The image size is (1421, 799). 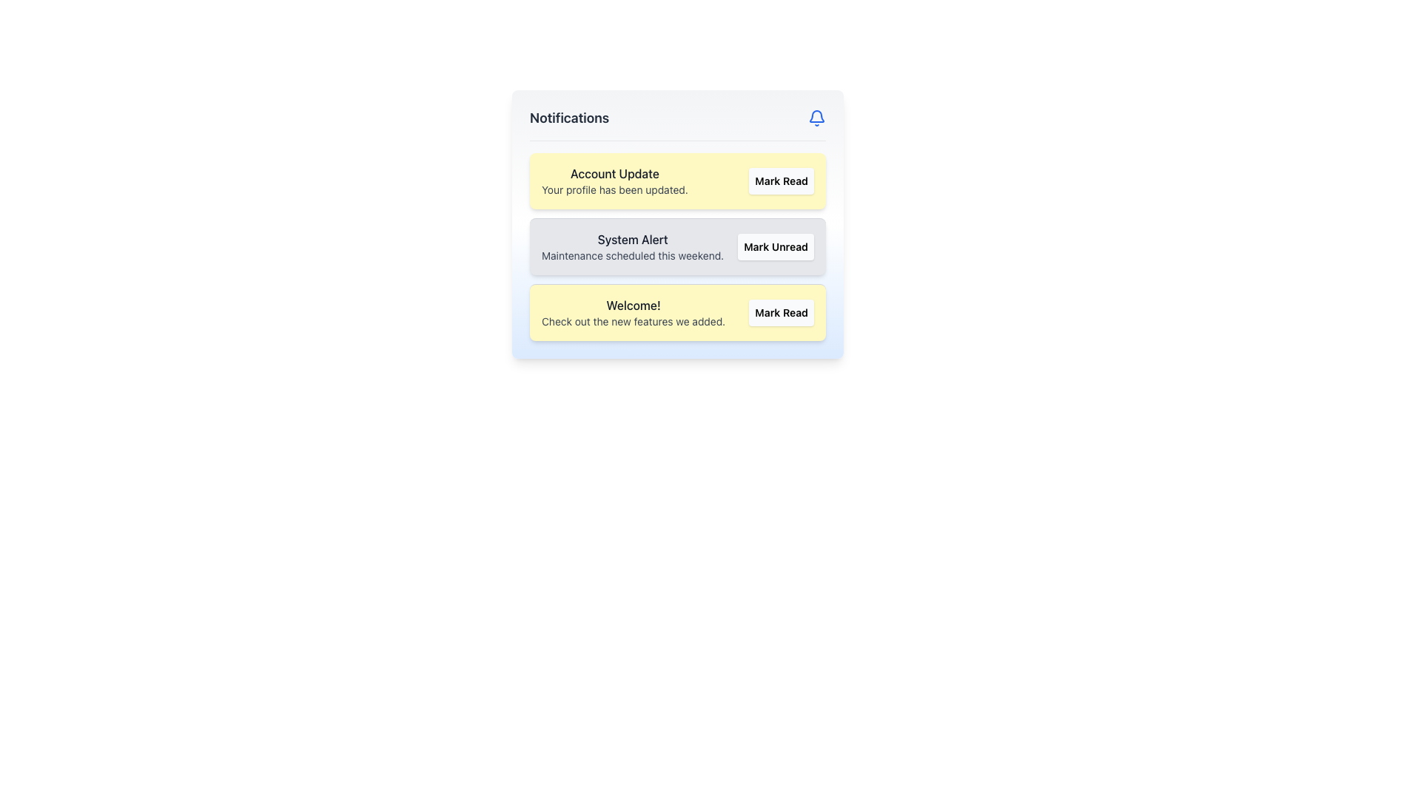 What do you see at coordinates (568, 117) in the screenshot?
I see `text from the 'Notifications' label, which is styled in bold and large font, located at the top-left corner of the notifications box` at bounding box center [568, 117].